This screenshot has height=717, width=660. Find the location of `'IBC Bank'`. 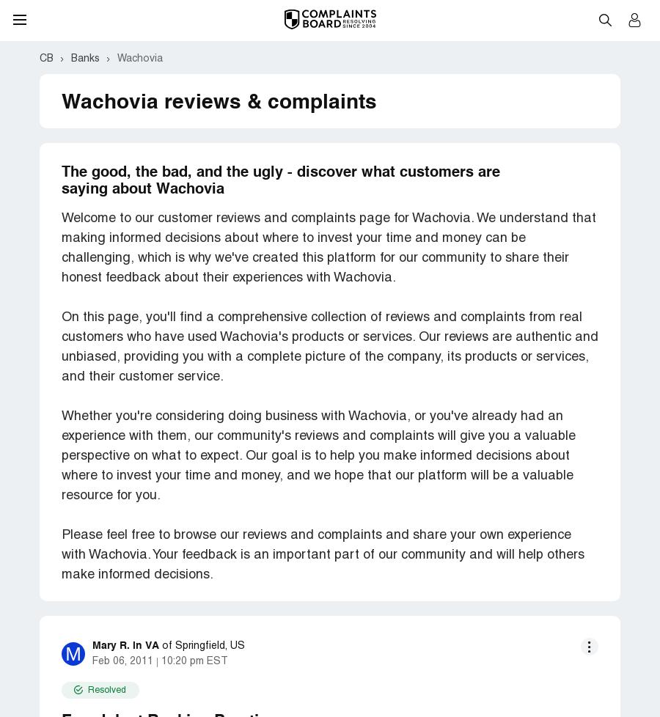

'IBC Bank' is located at coordinates (84, 465).